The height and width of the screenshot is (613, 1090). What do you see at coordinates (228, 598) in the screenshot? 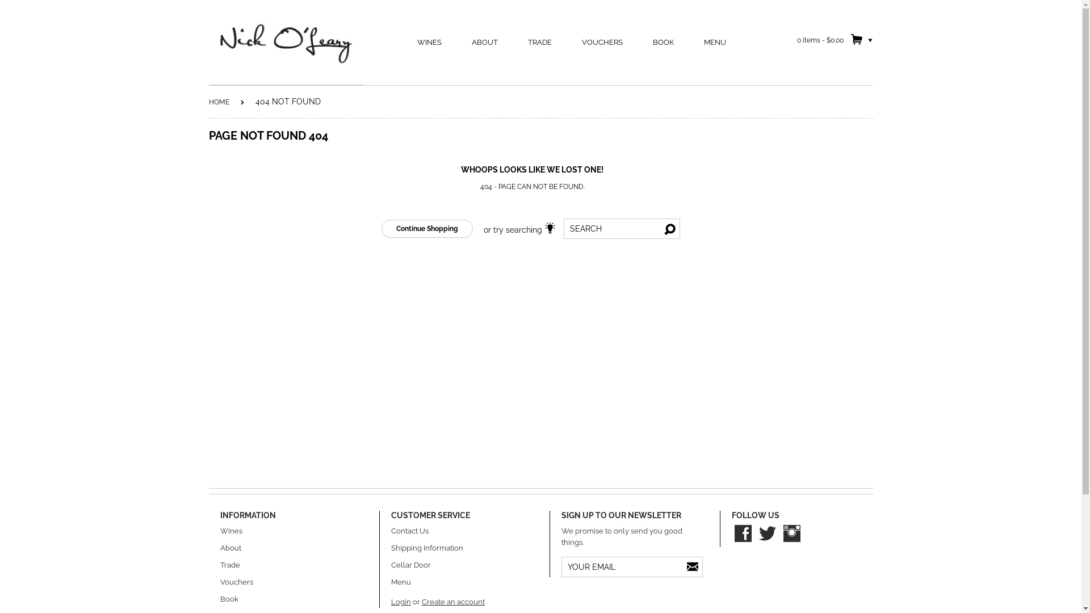
I see `'Book'` at bounding box center [228, 598].